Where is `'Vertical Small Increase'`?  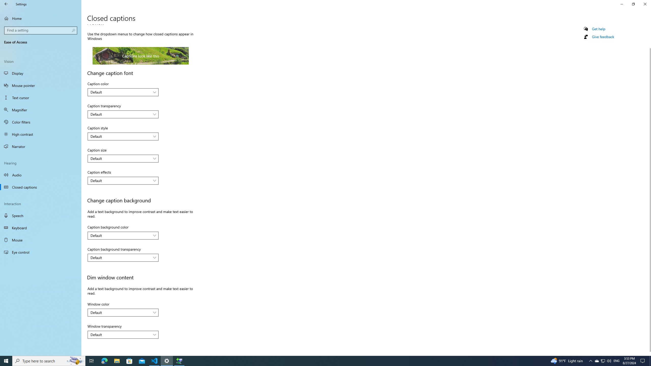 'Vertical Small Increase' is located at coordinates (649, 353).